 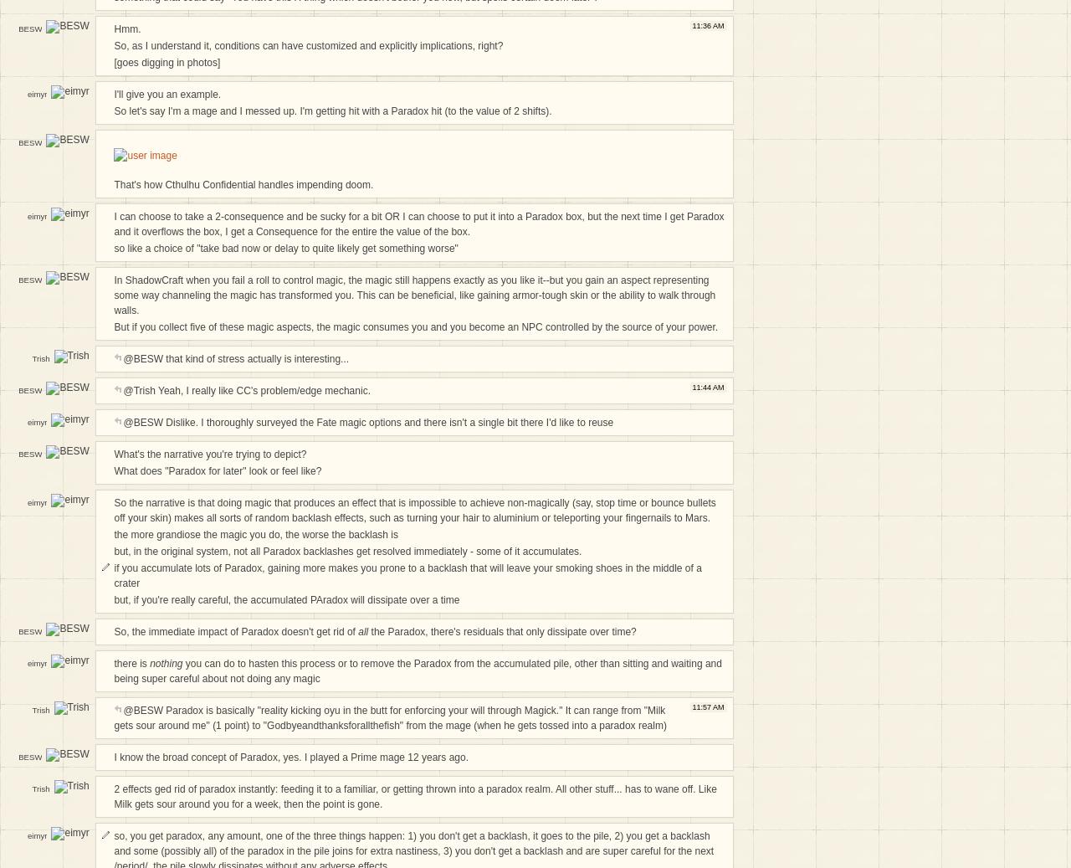 I want to click on 'the more grandiose the magic you do, the worse the backlash is', so click(x=255, y=534).